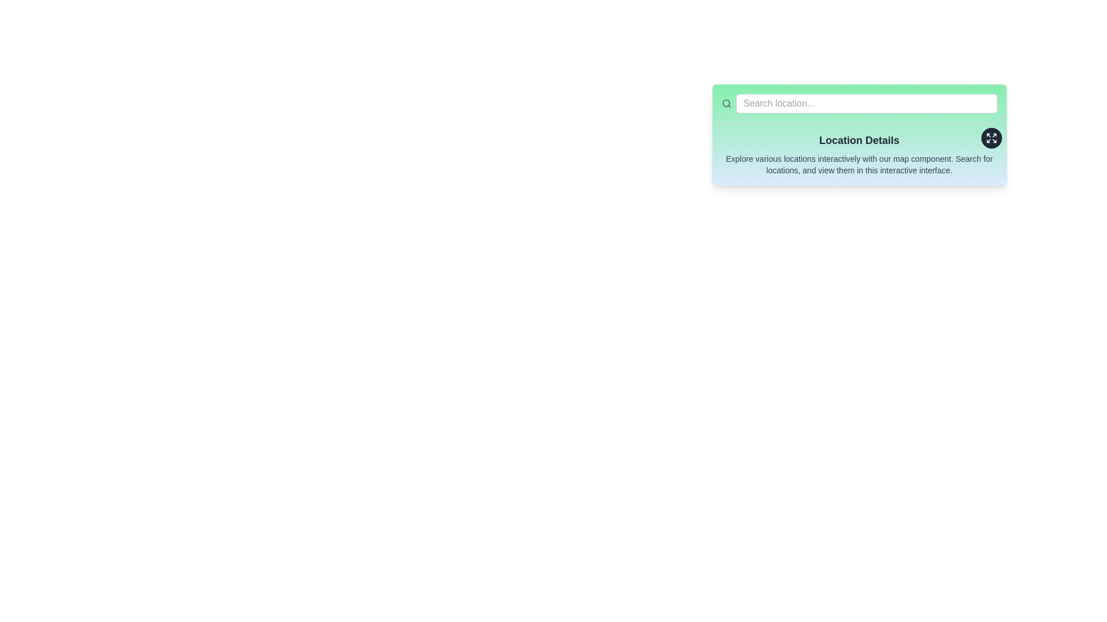 This screenshot has width=1107, height=622. I want to click on the circular magnifying glass icon that symbolizes the search function, which is located on a green background to the left of the search input box labeled 'Search location...', so click(725, 104).